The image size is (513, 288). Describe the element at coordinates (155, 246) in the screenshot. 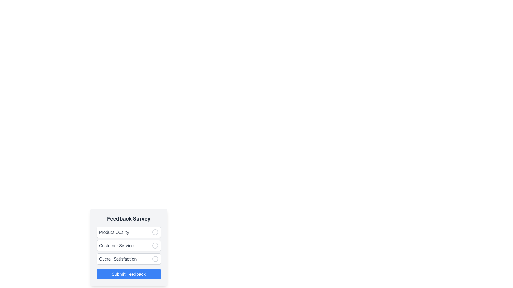

I see `the radio button styled as a hollow circle` at that location.